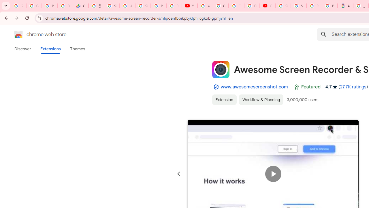 Image resolution: width=369 pixels, height=208 pixels. I want to click on 'By Established Publisher Badge', so click(216, 87).